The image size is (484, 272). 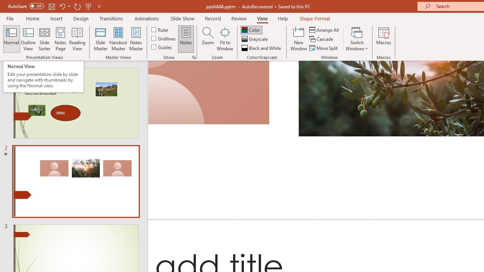 I want to click on 'Arrange All', so click(x=324, y=29).